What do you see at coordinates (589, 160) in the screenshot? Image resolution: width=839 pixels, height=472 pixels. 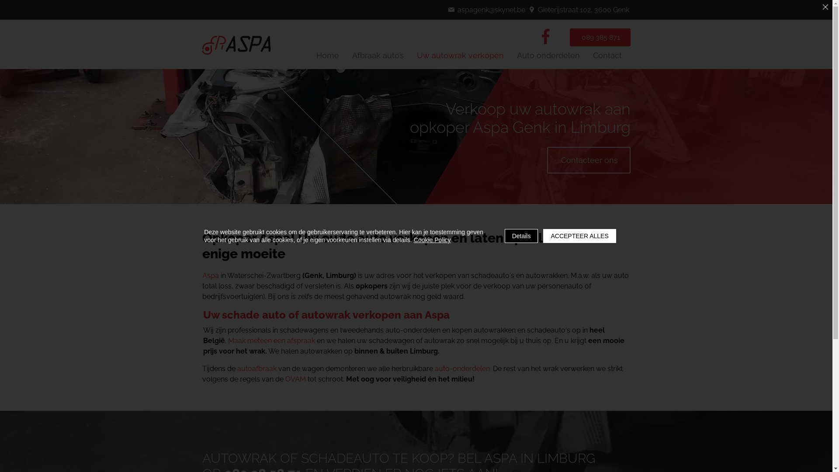 I see `'Contacteer ons'` at bounding box center [589, 160].